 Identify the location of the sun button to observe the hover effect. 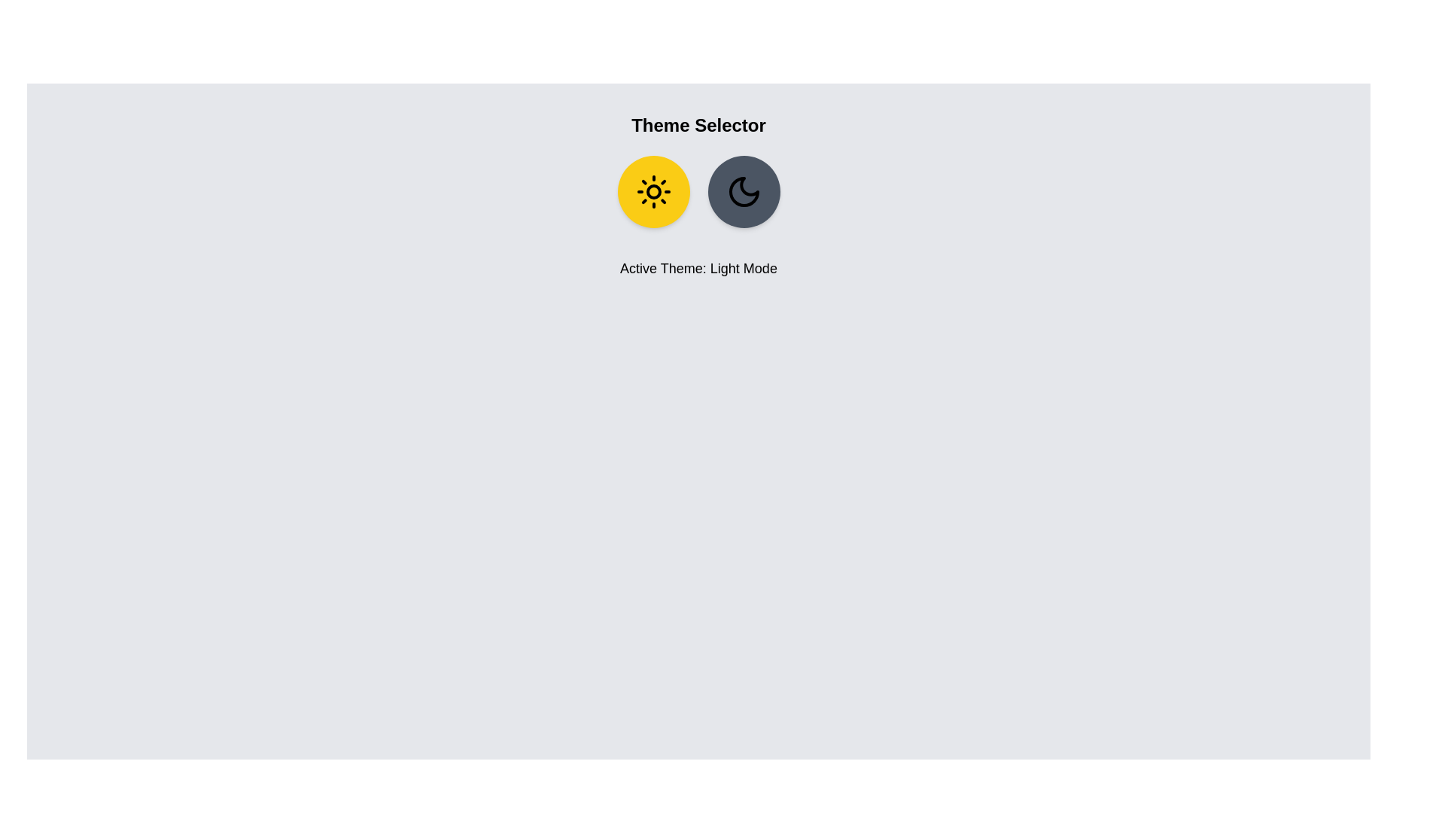
(653, 190).